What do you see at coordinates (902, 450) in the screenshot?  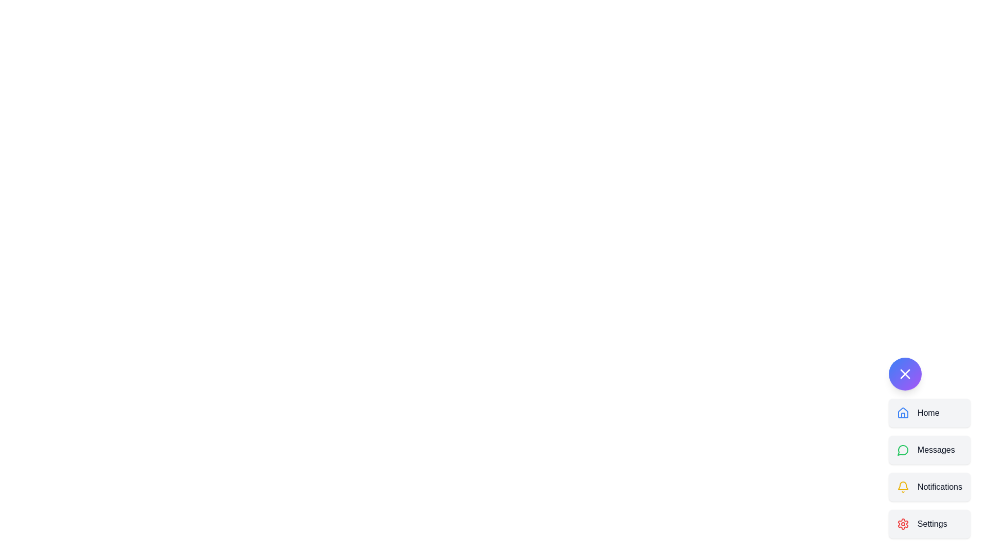 I see `the 'Messages' icon in the vertical menu, which is positioned between the 'Home' and 'Notifications' options` at bounding box center [902, 450].